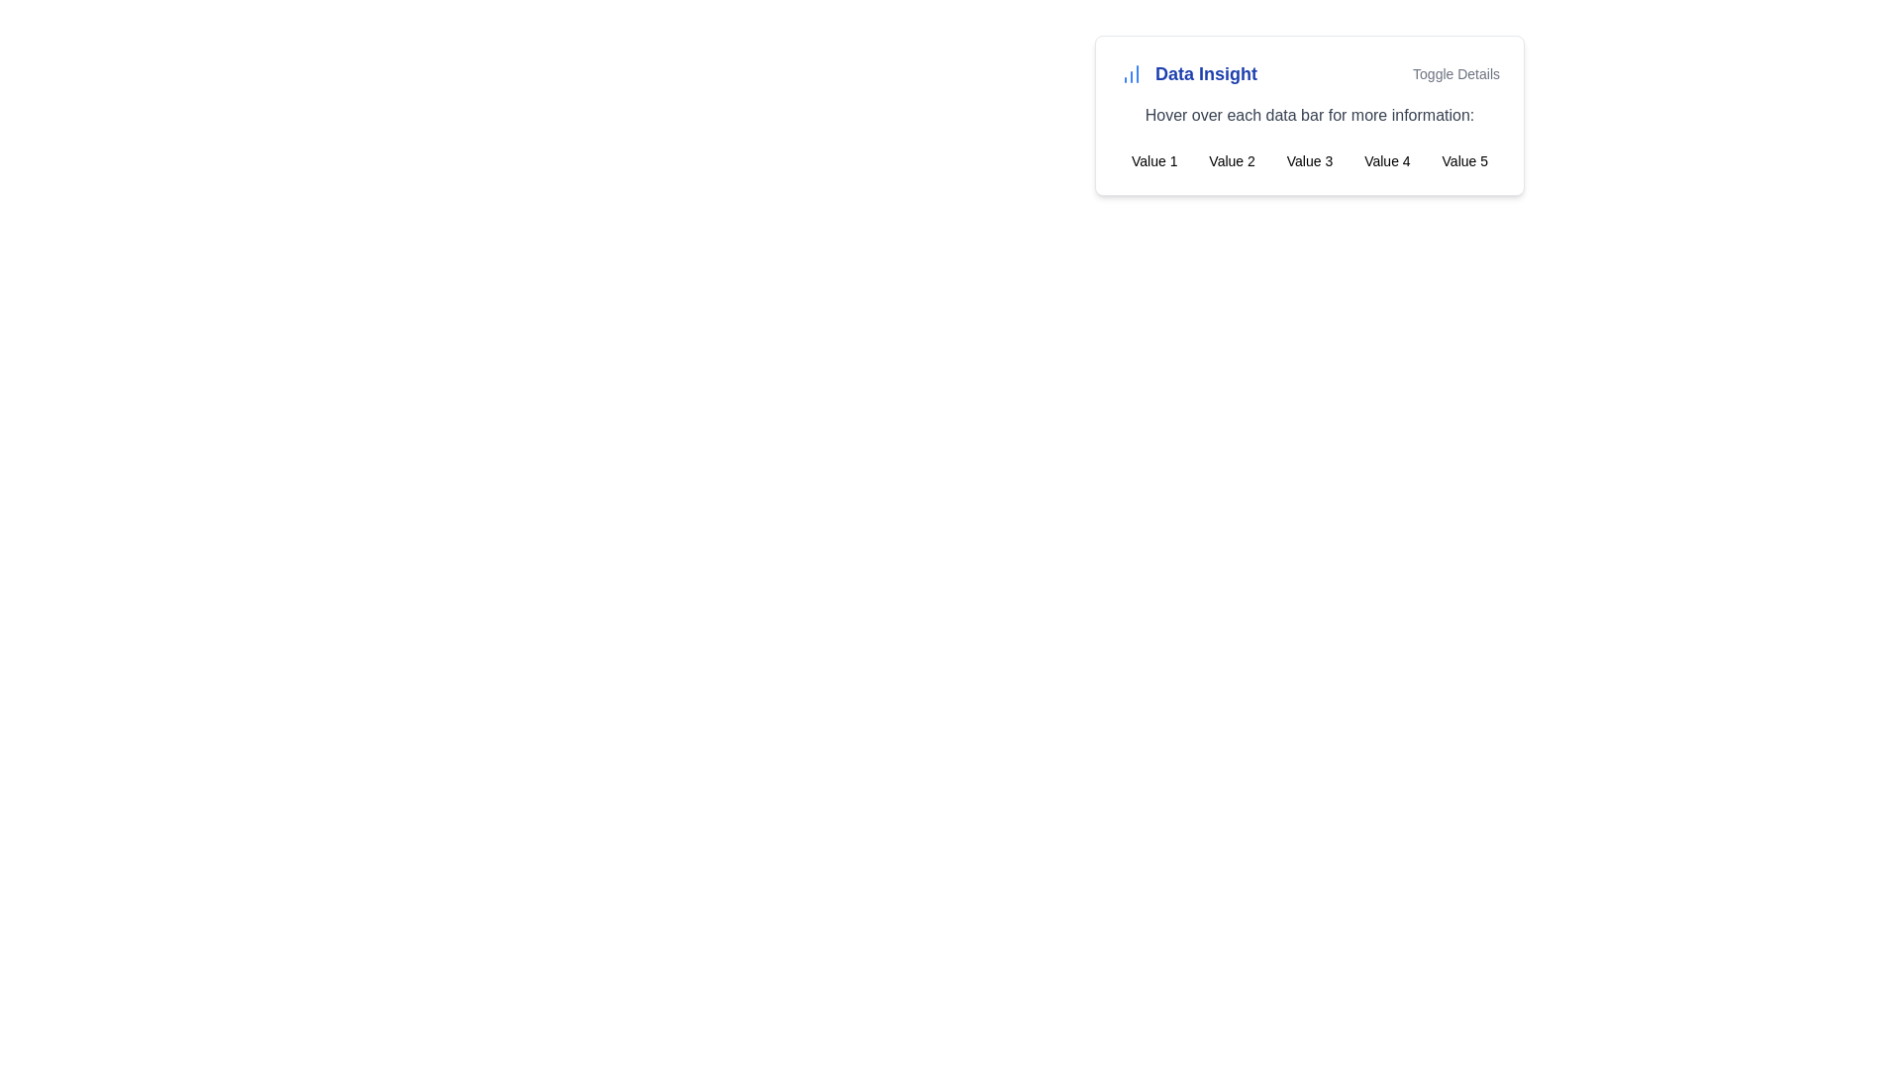  I want to click on the descriptive text label in the grid layout, which is the fourth item from the left, so click(1386, 155).